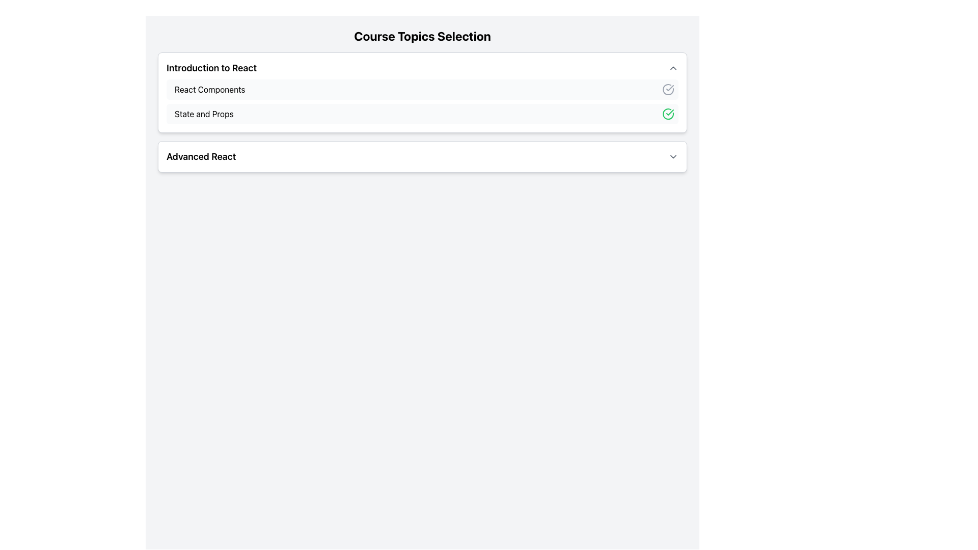 The height and width of the screenshot is (550, 978). What do you see at coordinates (668, 114) in the screenshot?
I see `the green circular checkmark icon located to the right of the text 'State and Props' for accessibility purposes` at bounding box center [668, 114].